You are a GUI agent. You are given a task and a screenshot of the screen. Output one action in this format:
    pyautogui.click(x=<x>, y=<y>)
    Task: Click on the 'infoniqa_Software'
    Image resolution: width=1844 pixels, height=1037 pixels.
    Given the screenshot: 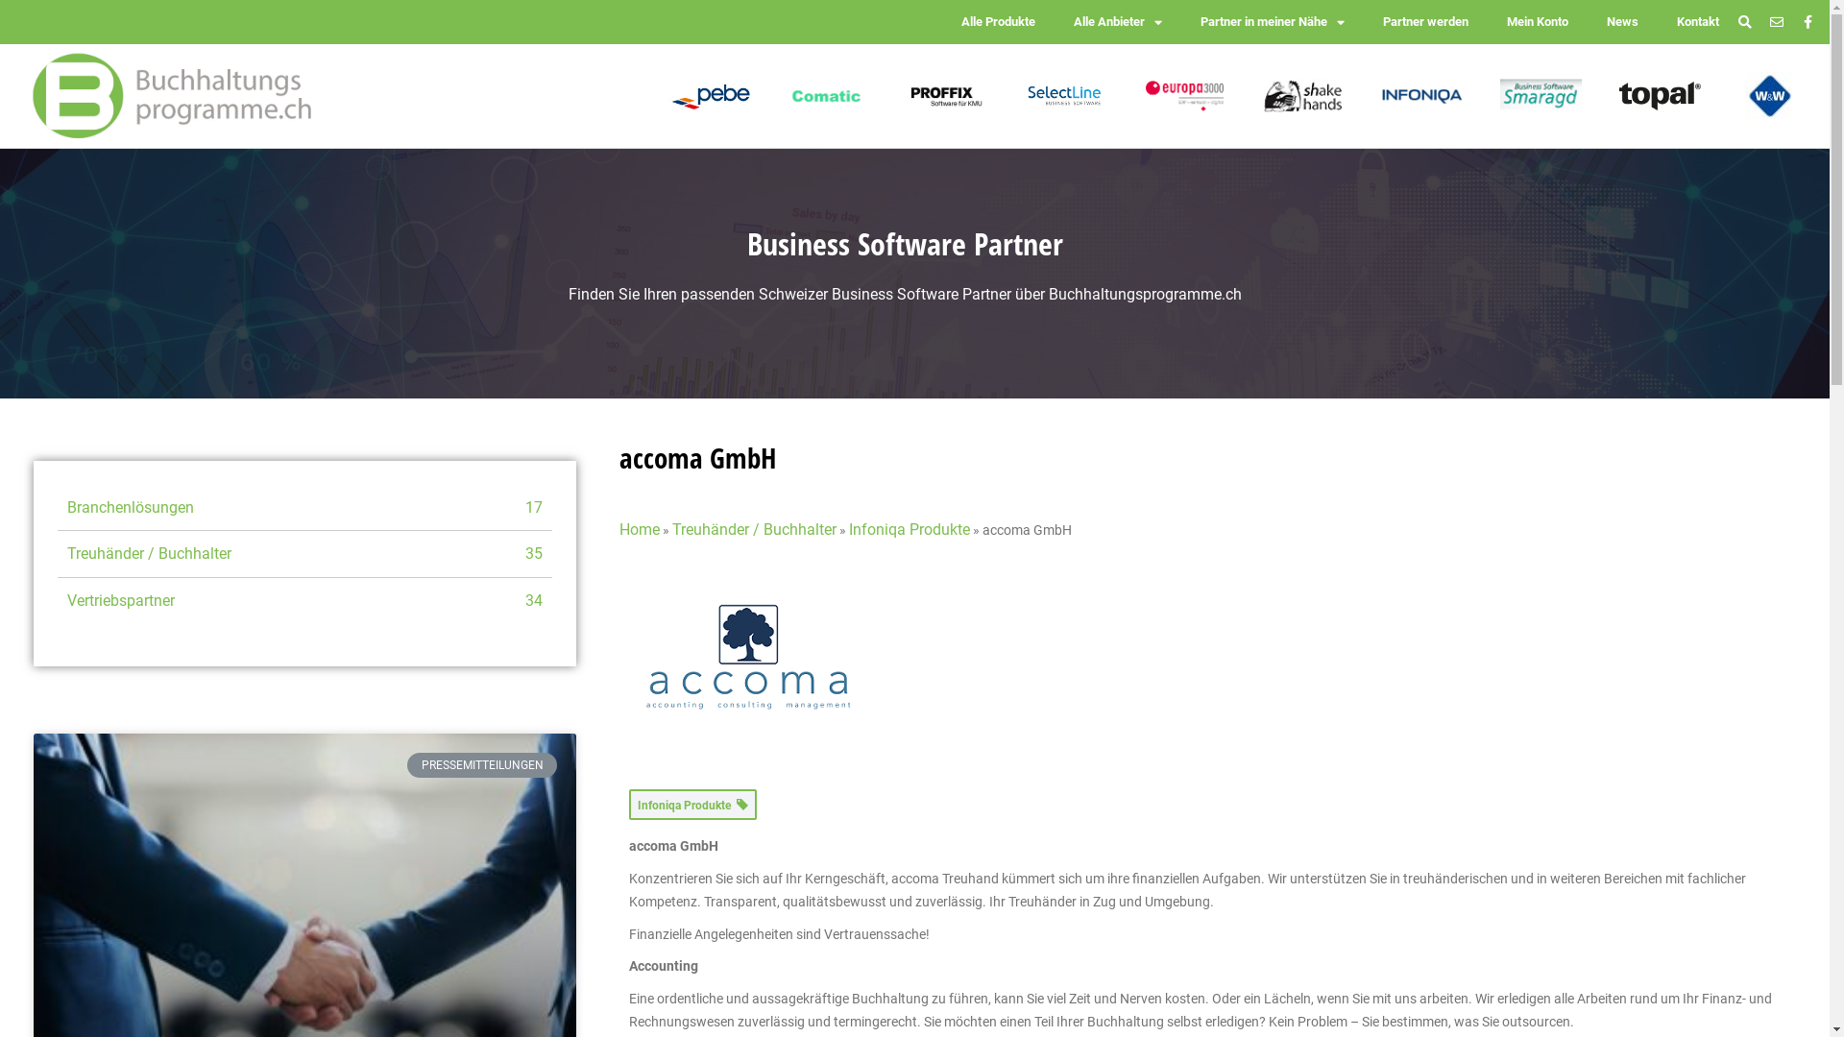 What is the action you would take?
    pyautogui.click(x=1421, y=96)
    